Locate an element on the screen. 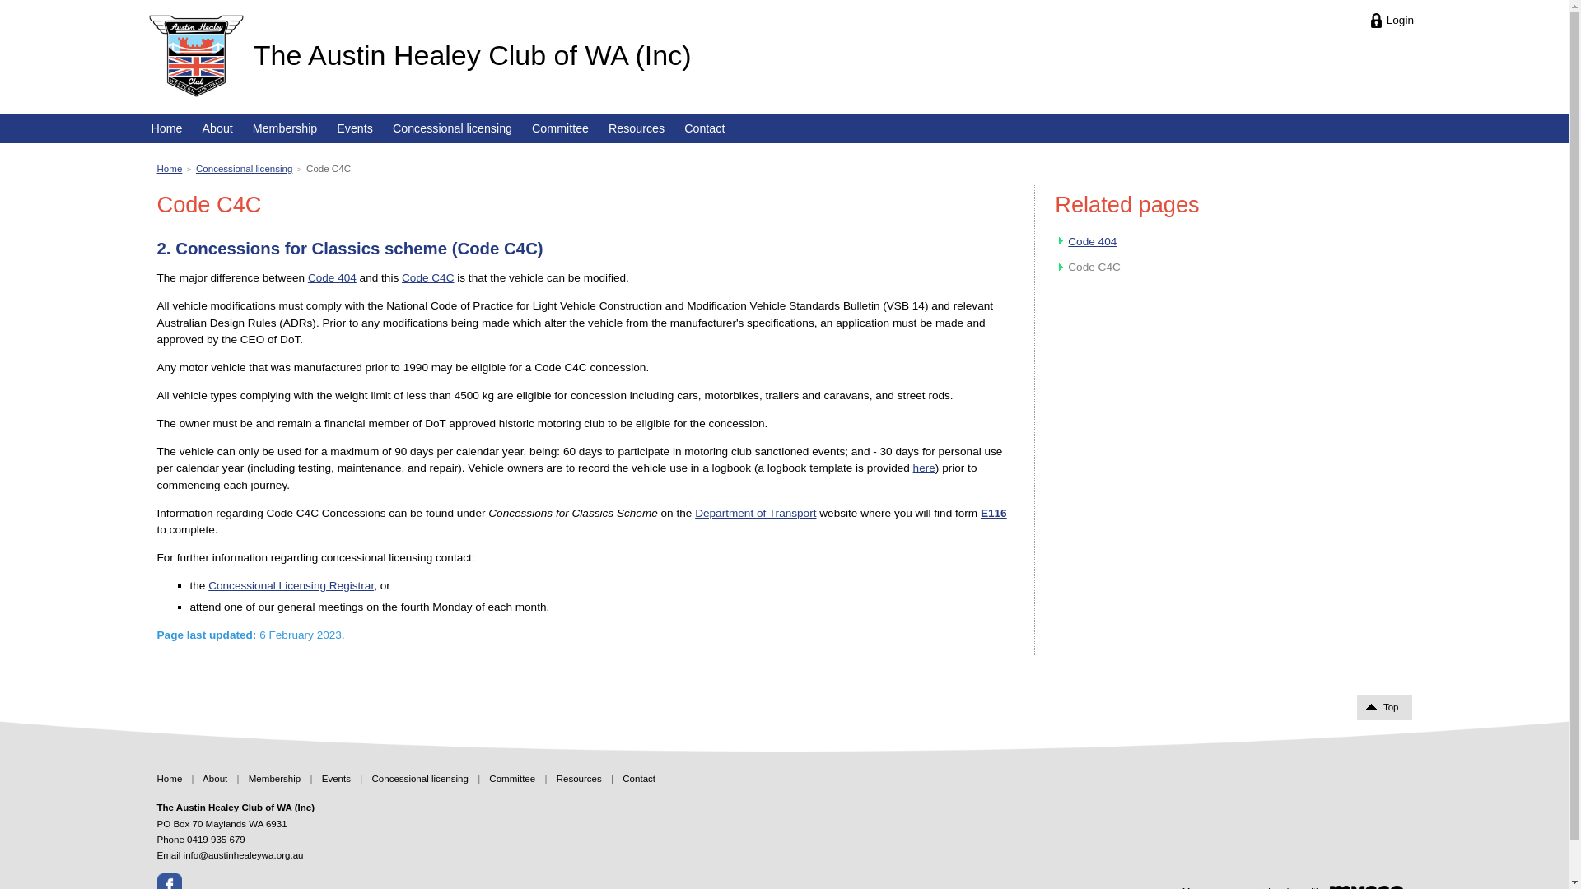 Image resolution: width=1581 pixels, height=889 pixels. 'About' is located at coordinates (201, 778).